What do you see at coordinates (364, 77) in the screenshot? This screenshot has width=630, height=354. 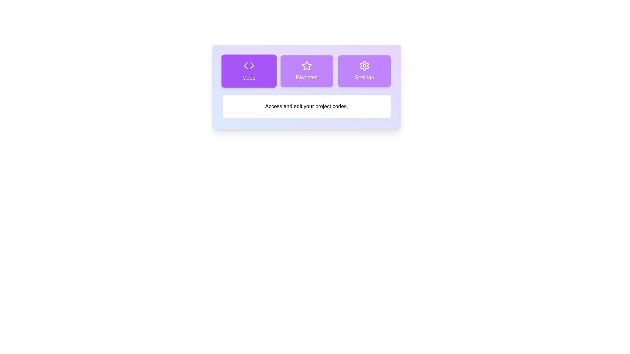 I see `the Text Label indicating 'Settings' located in the top-right corner, below the gear icon` at bounding box center [364, 77].